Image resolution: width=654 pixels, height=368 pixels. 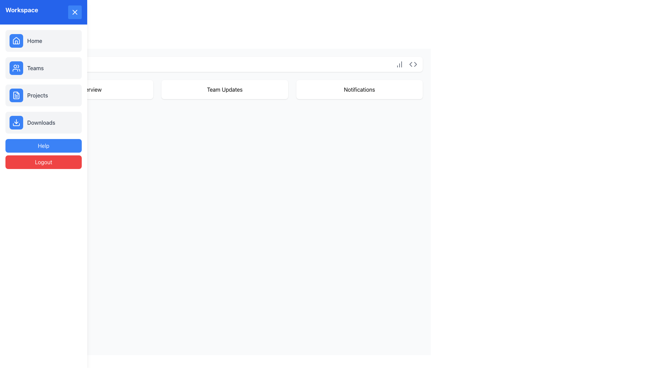 What do you see at coordinates (16, 122) in the screenshot?
I see `the download icon, which features a downward arrow and a rectangular base, located within the sidebar navigation menu under the 'Downloads' button to trigger a tooltip or visual feedback` at bounding box center [16, 122].